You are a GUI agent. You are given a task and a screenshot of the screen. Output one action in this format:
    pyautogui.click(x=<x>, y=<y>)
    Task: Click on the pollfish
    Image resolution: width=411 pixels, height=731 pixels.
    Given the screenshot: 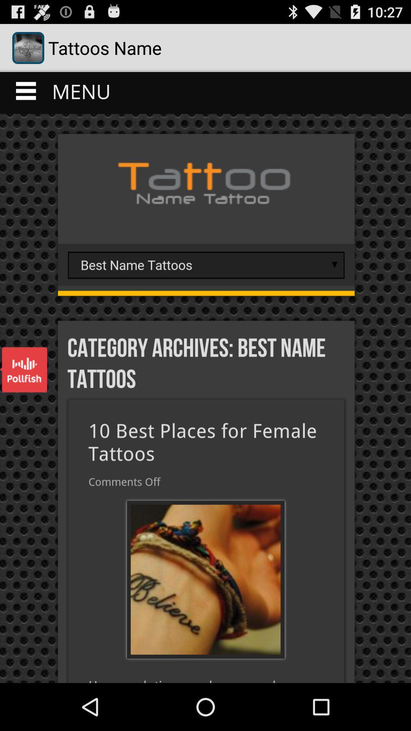 What is the action you would take?
    pyautogui.click(x=23, y=370)
    